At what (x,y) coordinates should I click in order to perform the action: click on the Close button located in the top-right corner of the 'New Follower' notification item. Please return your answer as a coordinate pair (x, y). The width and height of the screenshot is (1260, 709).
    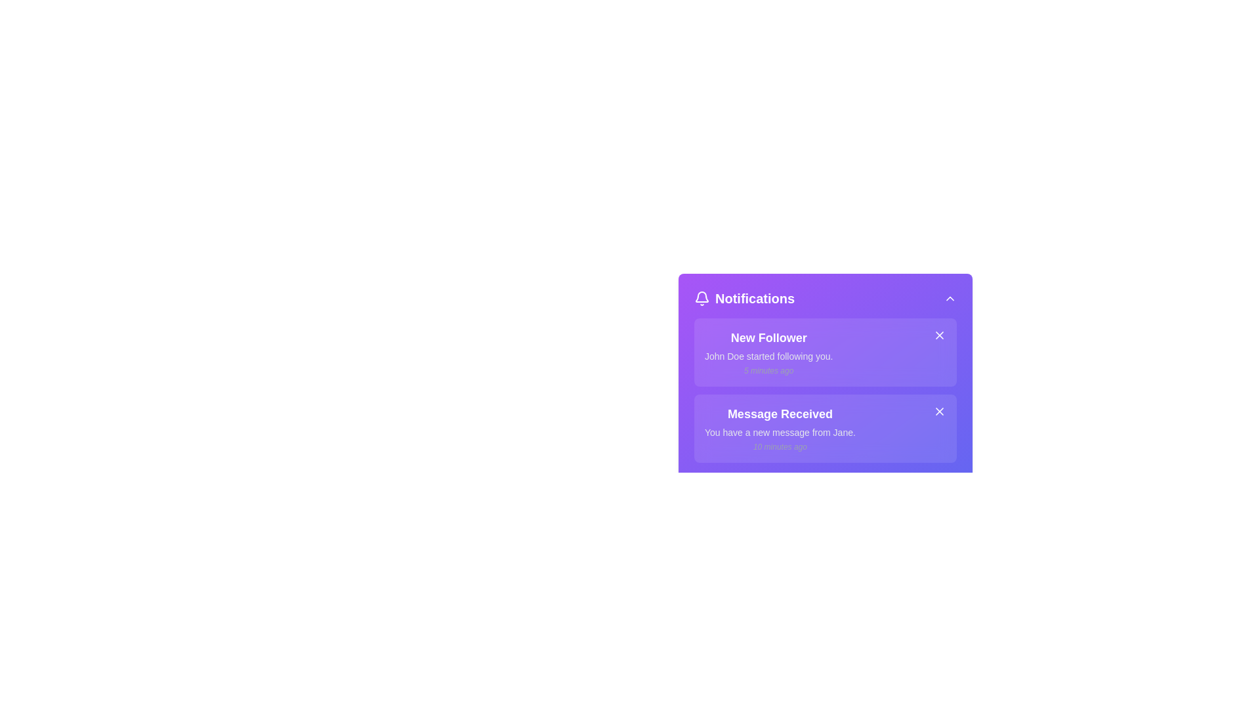
    Looking at the image, I should click on (938, 334).